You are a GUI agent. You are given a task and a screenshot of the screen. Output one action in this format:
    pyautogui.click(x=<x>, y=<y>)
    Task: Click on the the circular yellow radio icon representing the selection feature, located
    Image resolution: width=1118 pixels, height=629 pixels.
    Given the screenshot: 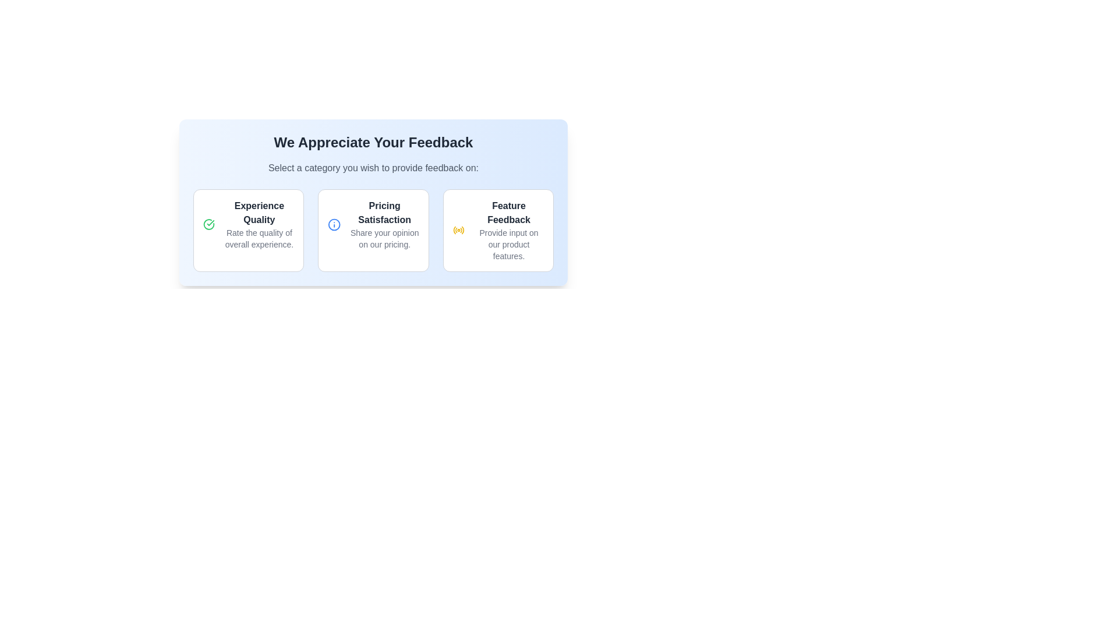 What is the action you would take?
    pyautogui.click(x=458, y=231)
    